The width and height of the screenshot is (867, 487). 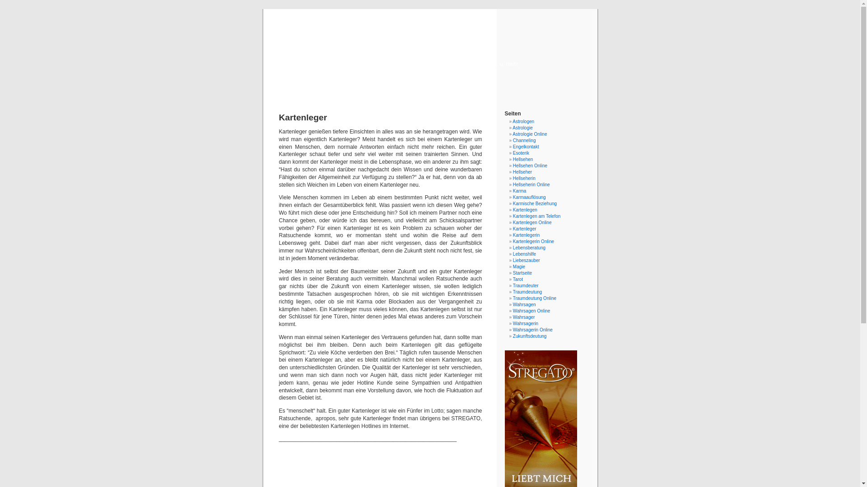 What do you see at coordinates (524, 304) in the screenshot?
I see `'Wahrsagen'` at bounding box center [524, 304].